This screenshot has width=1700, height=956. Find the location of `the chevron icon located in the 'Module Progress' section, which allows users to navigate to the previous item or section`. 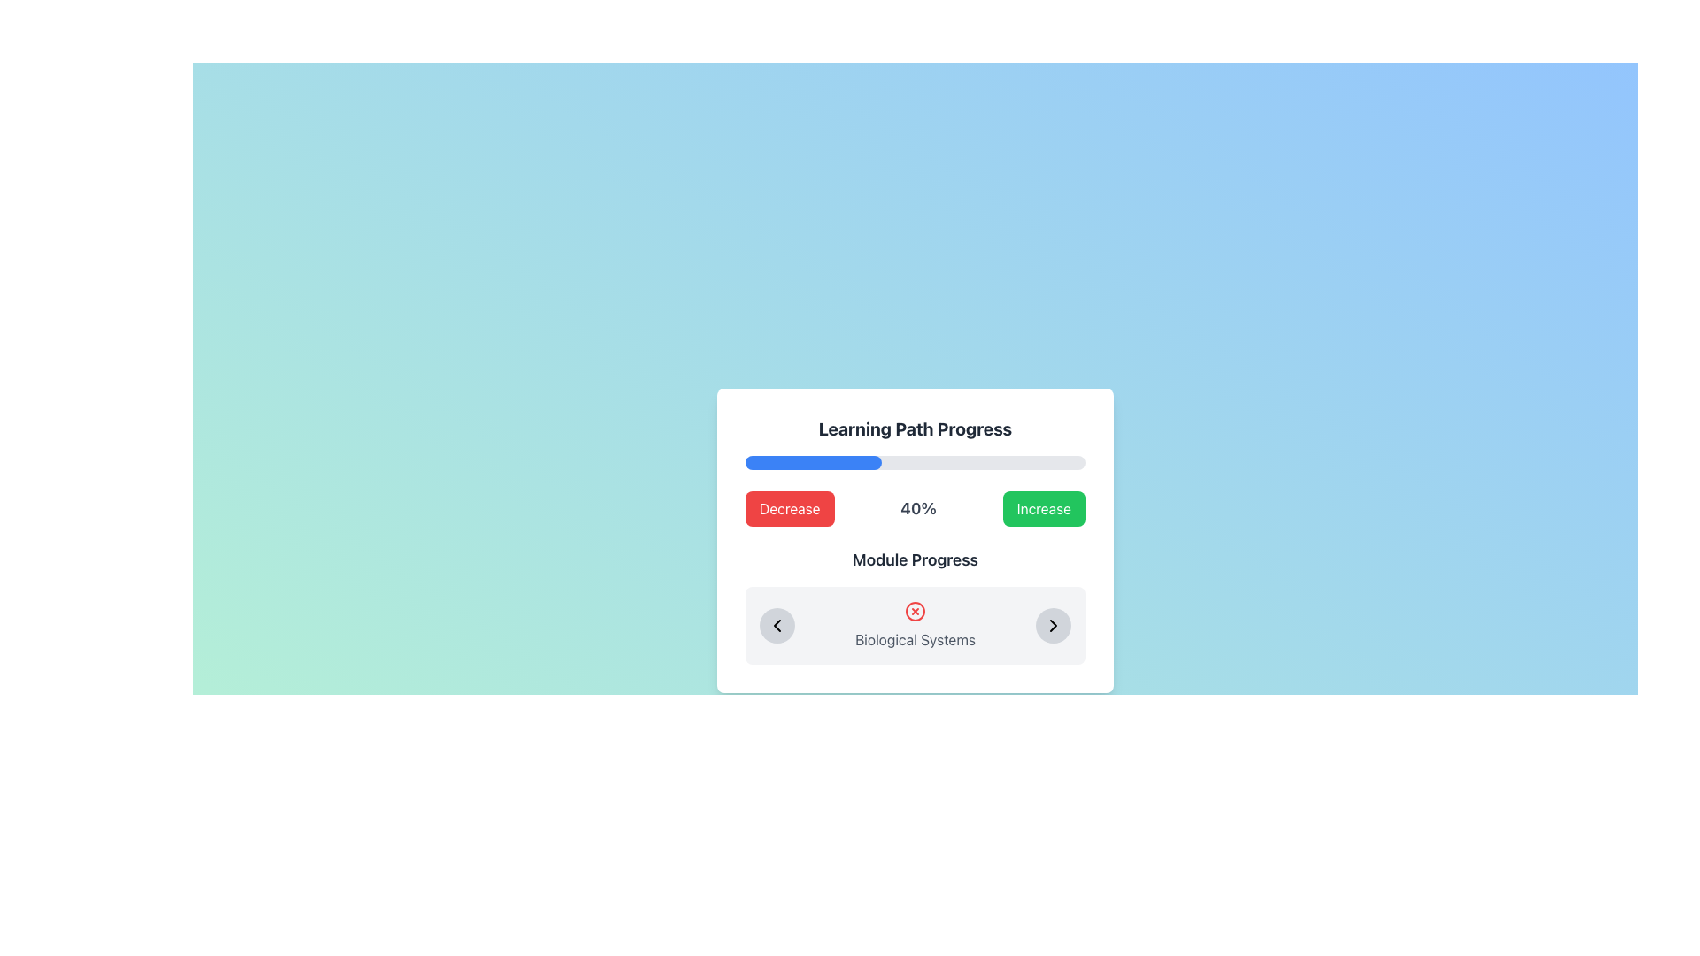

the chevron icon located in the 'Module Progress' section, which allows users to navigate to the previous item or section is located at coordinates (777, 624).